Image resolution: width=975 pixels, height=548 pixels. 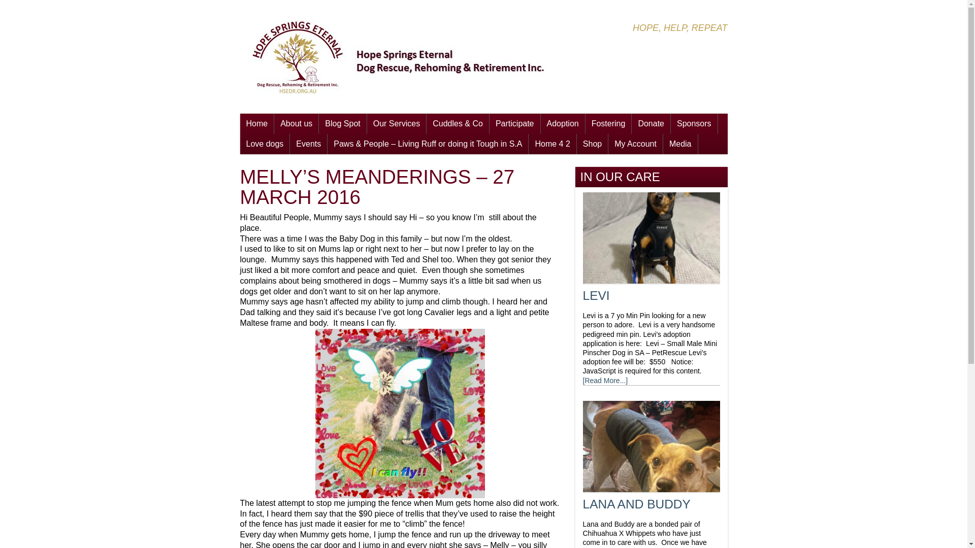 What do you see at coordinates (296, 123) in the screenshot?
I see `'About us'` at bounding box center [296, 123].